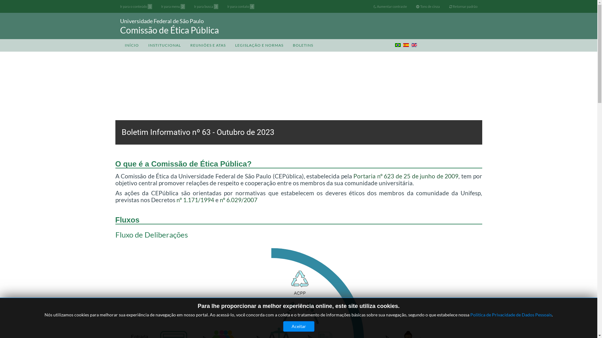 The height and width of the screenshot is (338, 602). I want to click on 'BOLETINS', so click(303, 45).